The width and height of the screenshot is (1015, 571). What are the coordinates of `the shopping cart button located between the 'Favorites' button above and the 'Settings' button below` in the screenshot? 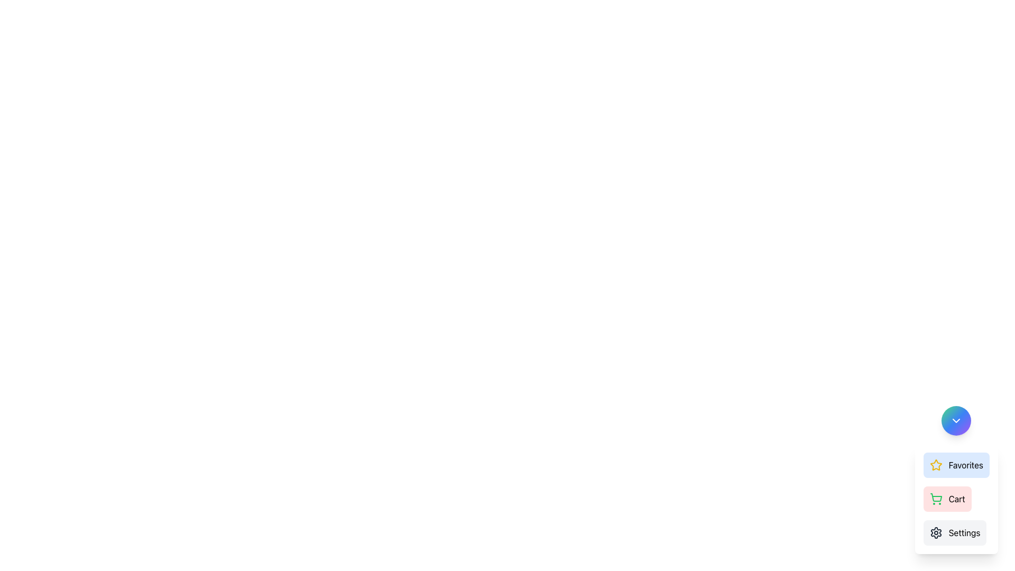 It's located at (947, 499).